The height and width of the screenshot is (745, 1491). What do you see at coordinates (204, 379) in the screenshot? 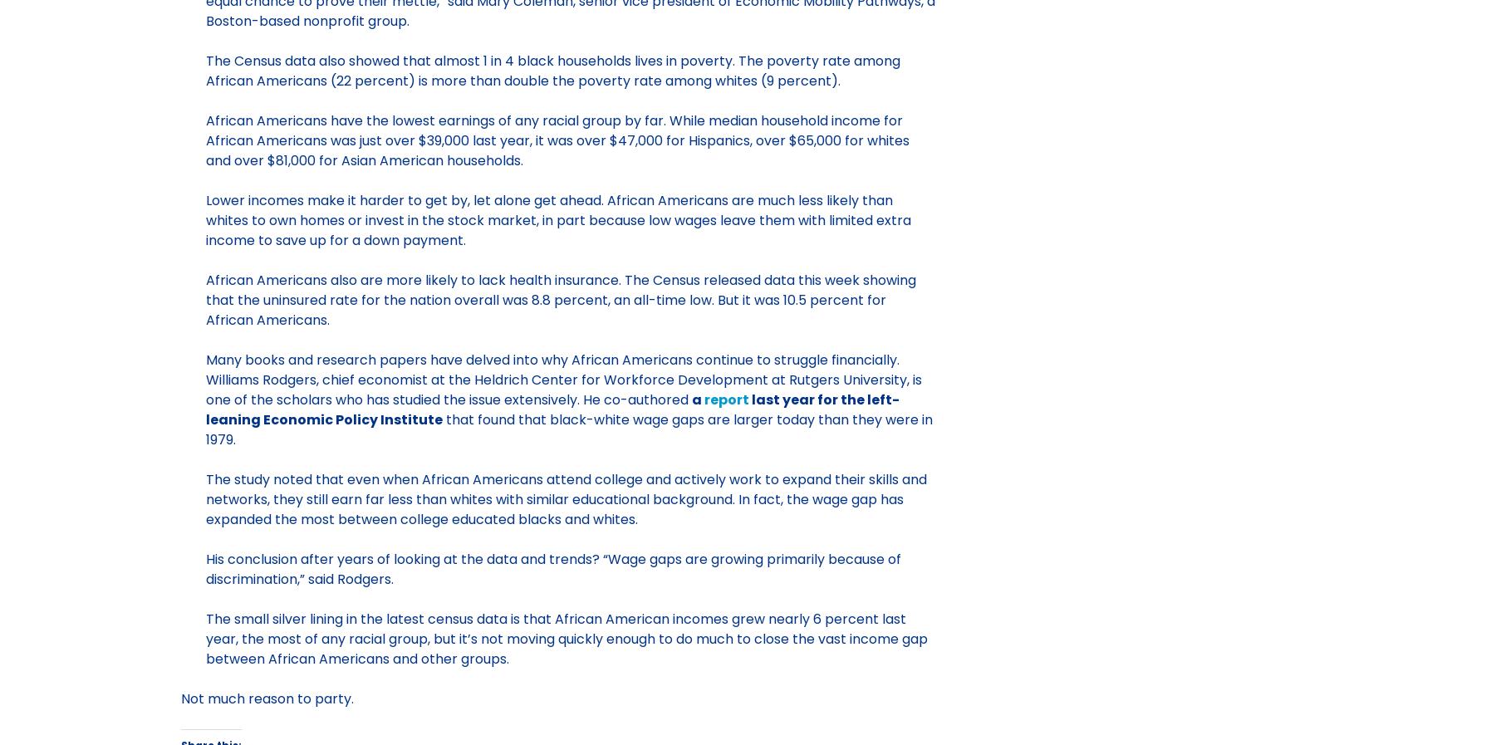
I see `'Many books and research papers have delved into why African Americans continue to struggle financially. Williams Rodgers, chief economist at the Heldrich Center for Workforce Development at Rutgers University, is one of the scholars who has studied the issue extensively. He co-authored'` at bounding box center [204, 379].